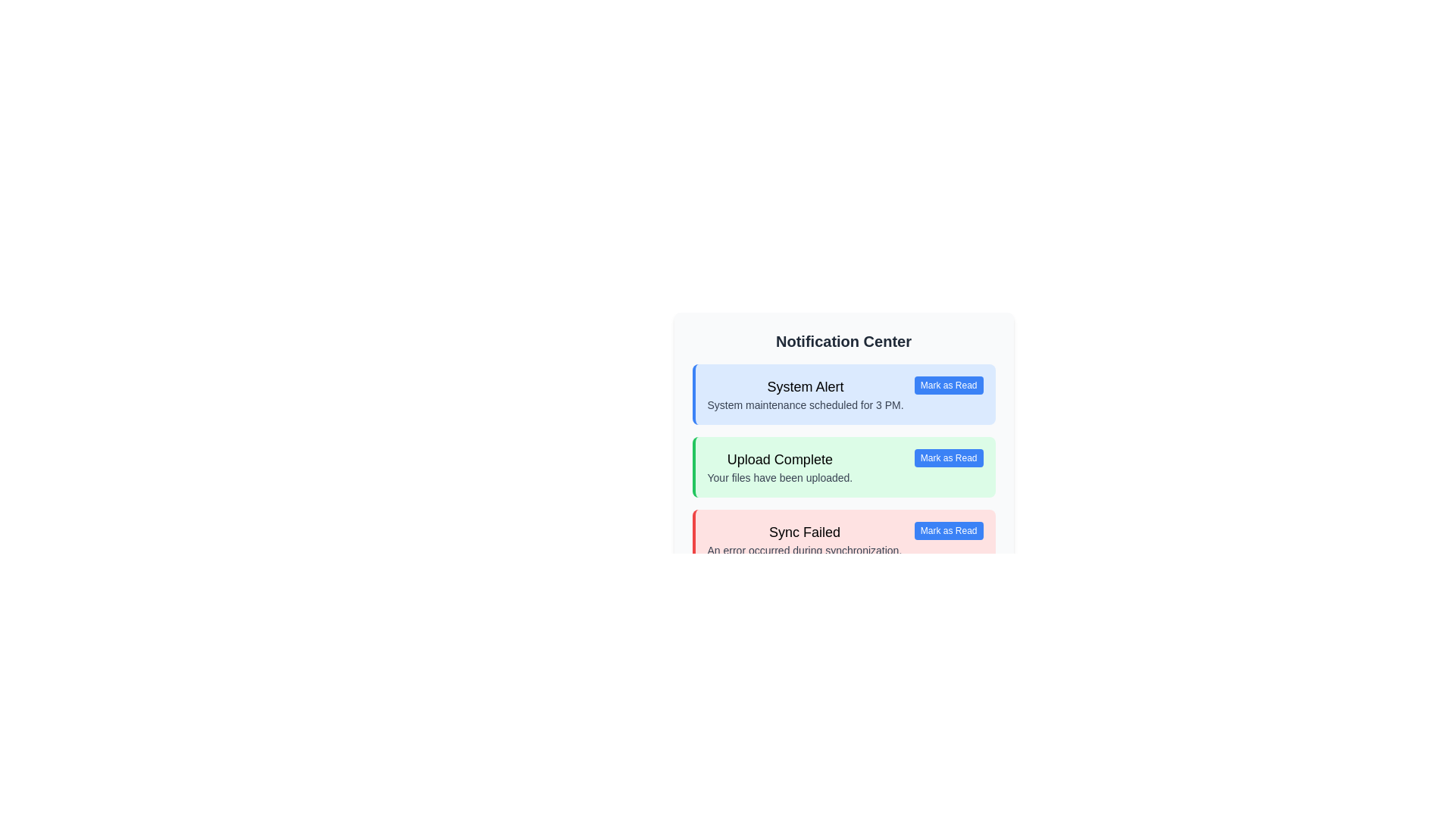 This screenshot has height=818, width=1455. Describe the element at coordinates (803, 531) in the screenshot. I see `the text label indicating 'Sync Failed' in the third notification card within the Notification Center, which serves as the main heading for the synchronization failure notification` at that location.